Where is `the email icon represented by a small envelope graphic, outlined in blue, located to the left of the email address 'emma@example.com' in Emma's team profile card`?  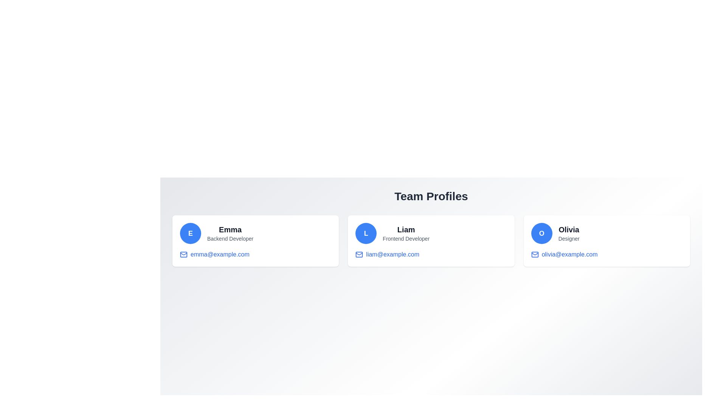
the email icon represented by a small envelope graphic, outlined in blue, located to the left of the email address 'emma@example.com' in Emma's team profile card is located at coordinates (183, 255).